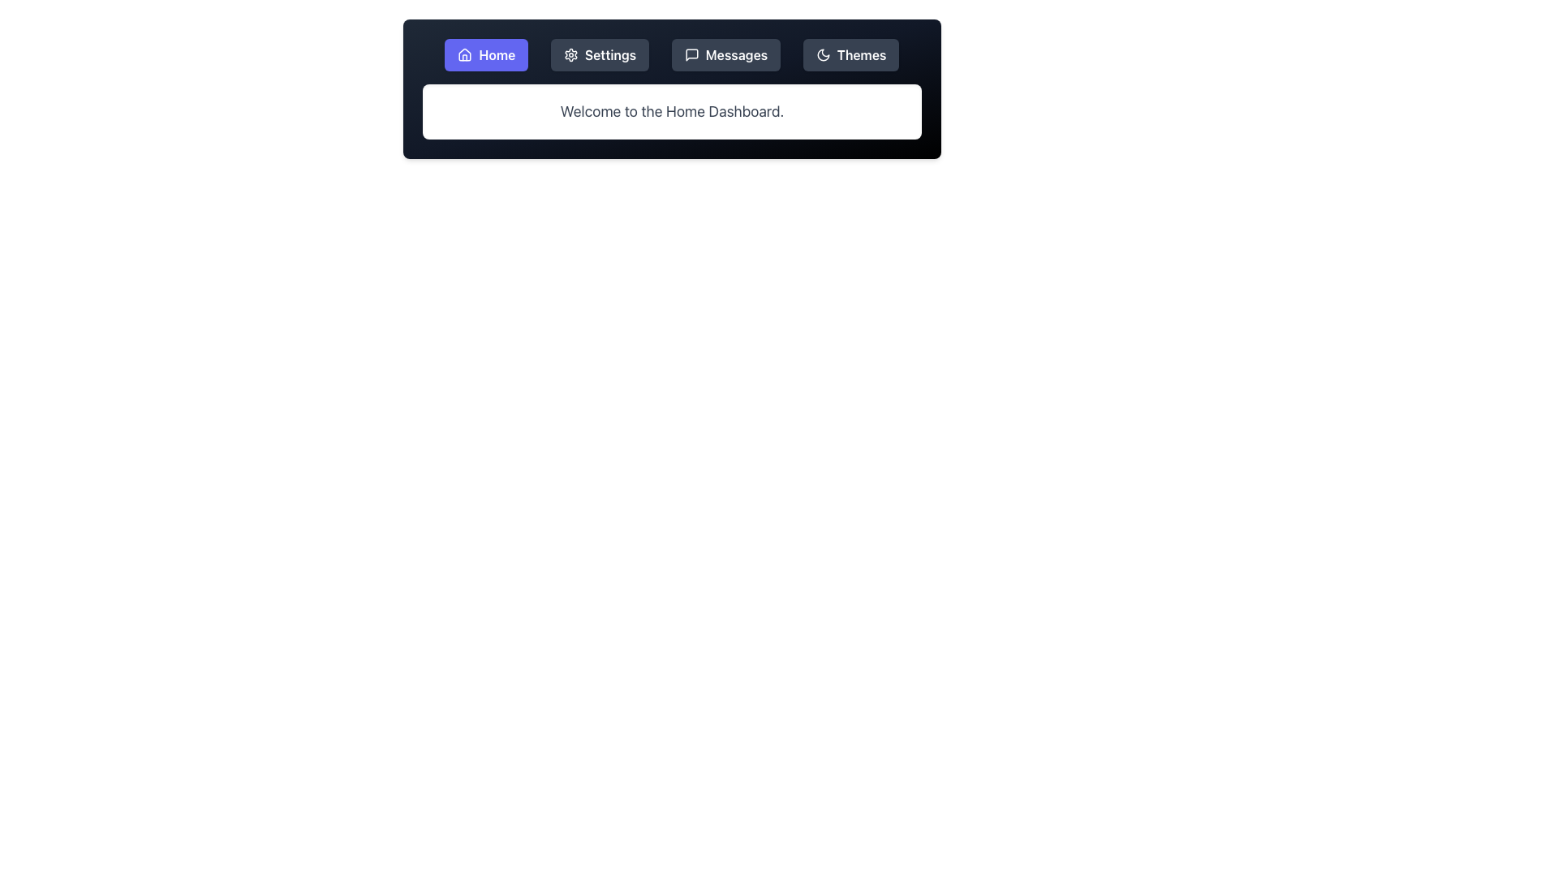  Describe the element at coordinates (464, 54) in the screenshot. I see `the home icon, which is a minimalist graphical representation of a house with a triangular roof and rectangular base, located within the 'Home' button of the navigation menu` at that location.